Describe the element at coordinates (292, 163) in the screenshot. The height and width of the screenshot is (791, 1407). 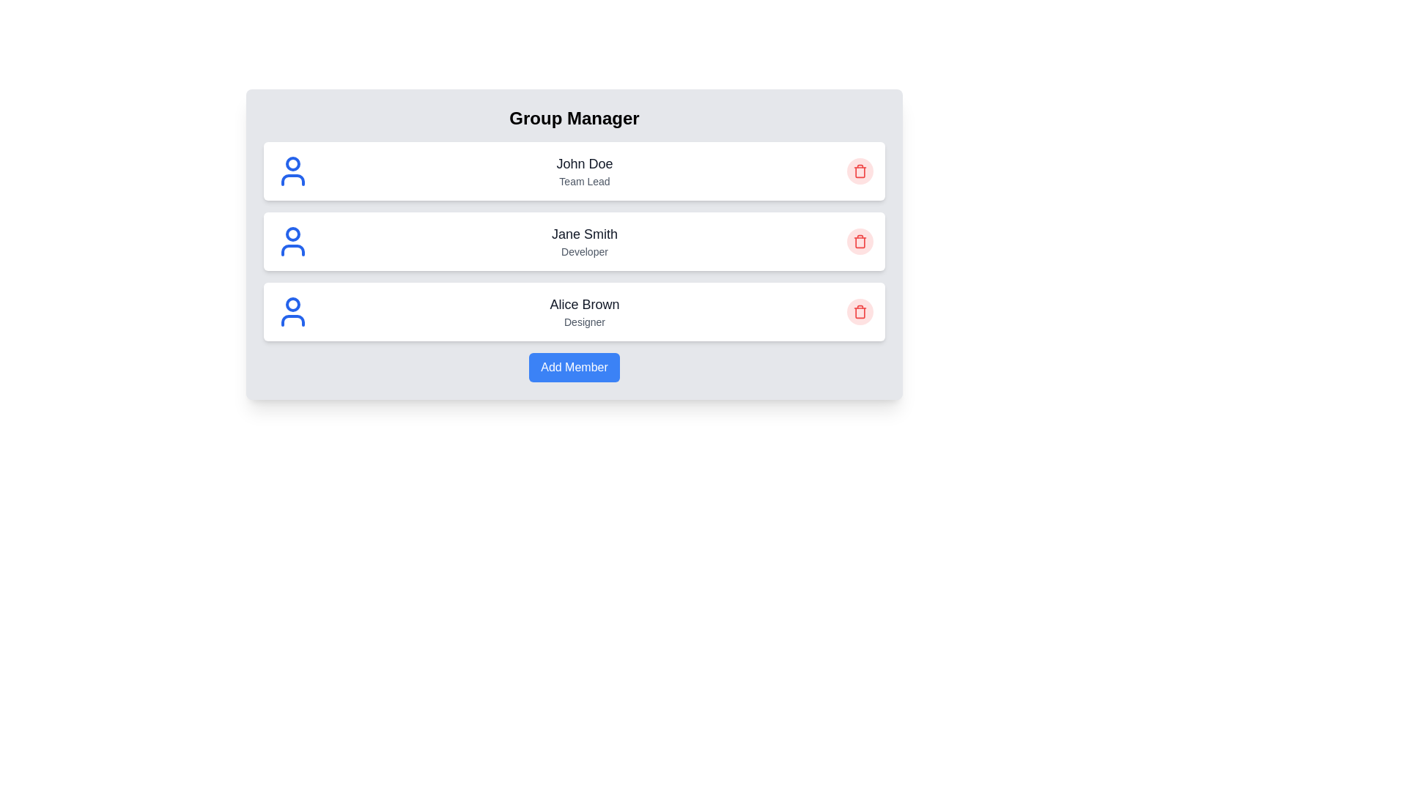
I see `the SVG circle element that represents the user icon, located on the left side of the first row in the list of user profiles within the 'Group Manager' section` at that location.